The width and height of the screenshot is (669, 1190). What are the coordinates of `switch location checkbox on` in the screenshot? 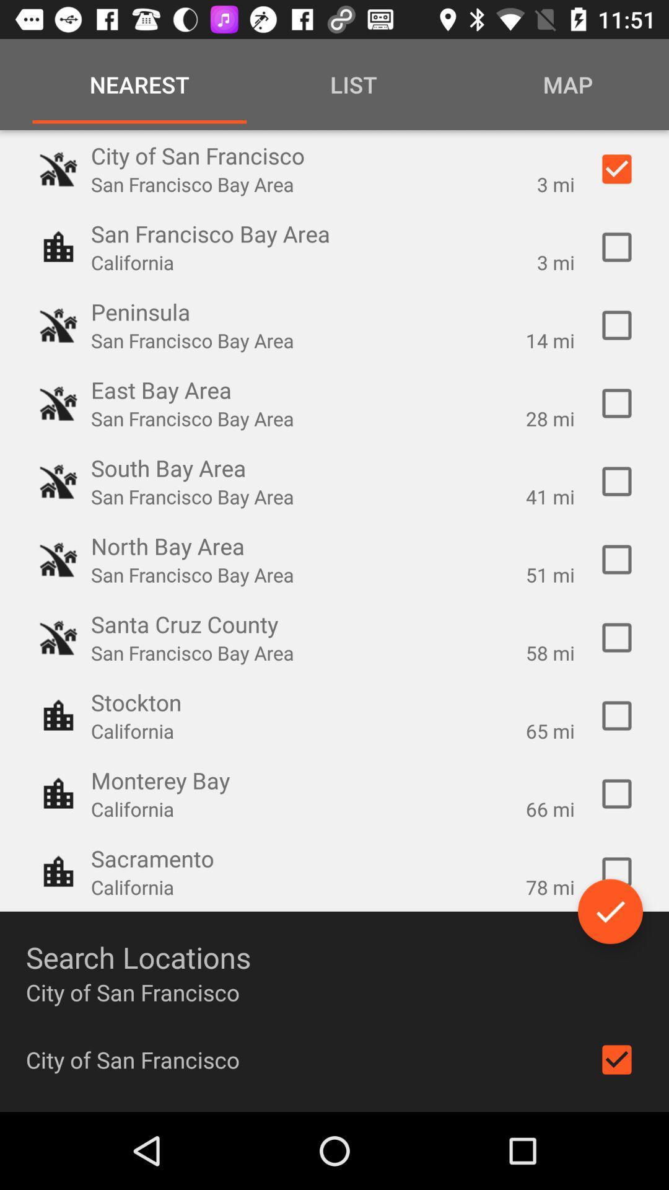 It's located at (616, 247).